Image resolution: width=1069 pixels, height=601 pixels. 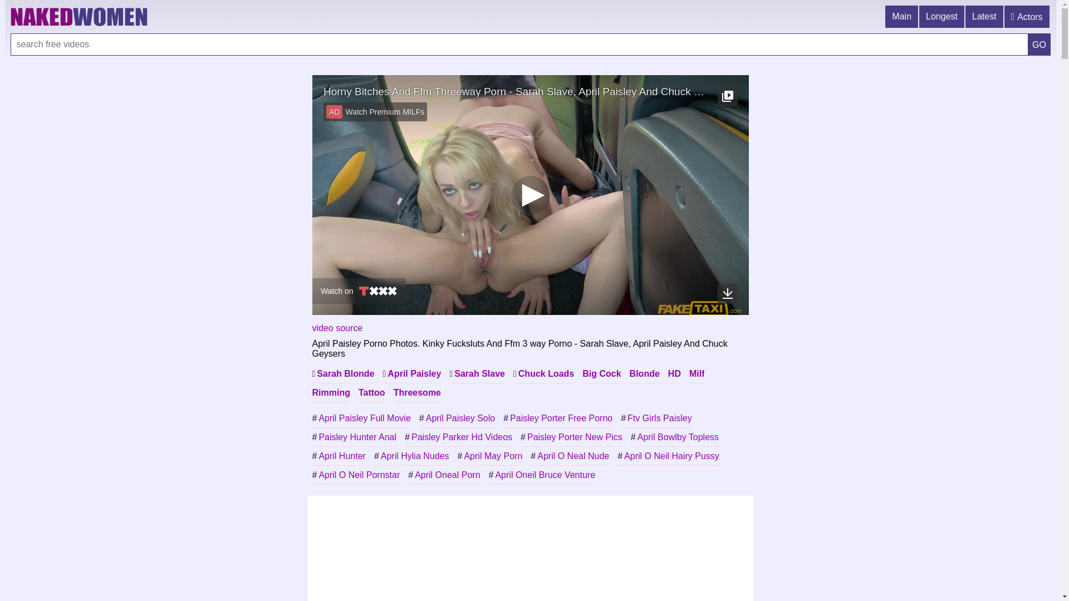 What do you see at coordinates (490, 456) in the screenshot?
I see `'April May Porn'` at bounding box center [490, 456].